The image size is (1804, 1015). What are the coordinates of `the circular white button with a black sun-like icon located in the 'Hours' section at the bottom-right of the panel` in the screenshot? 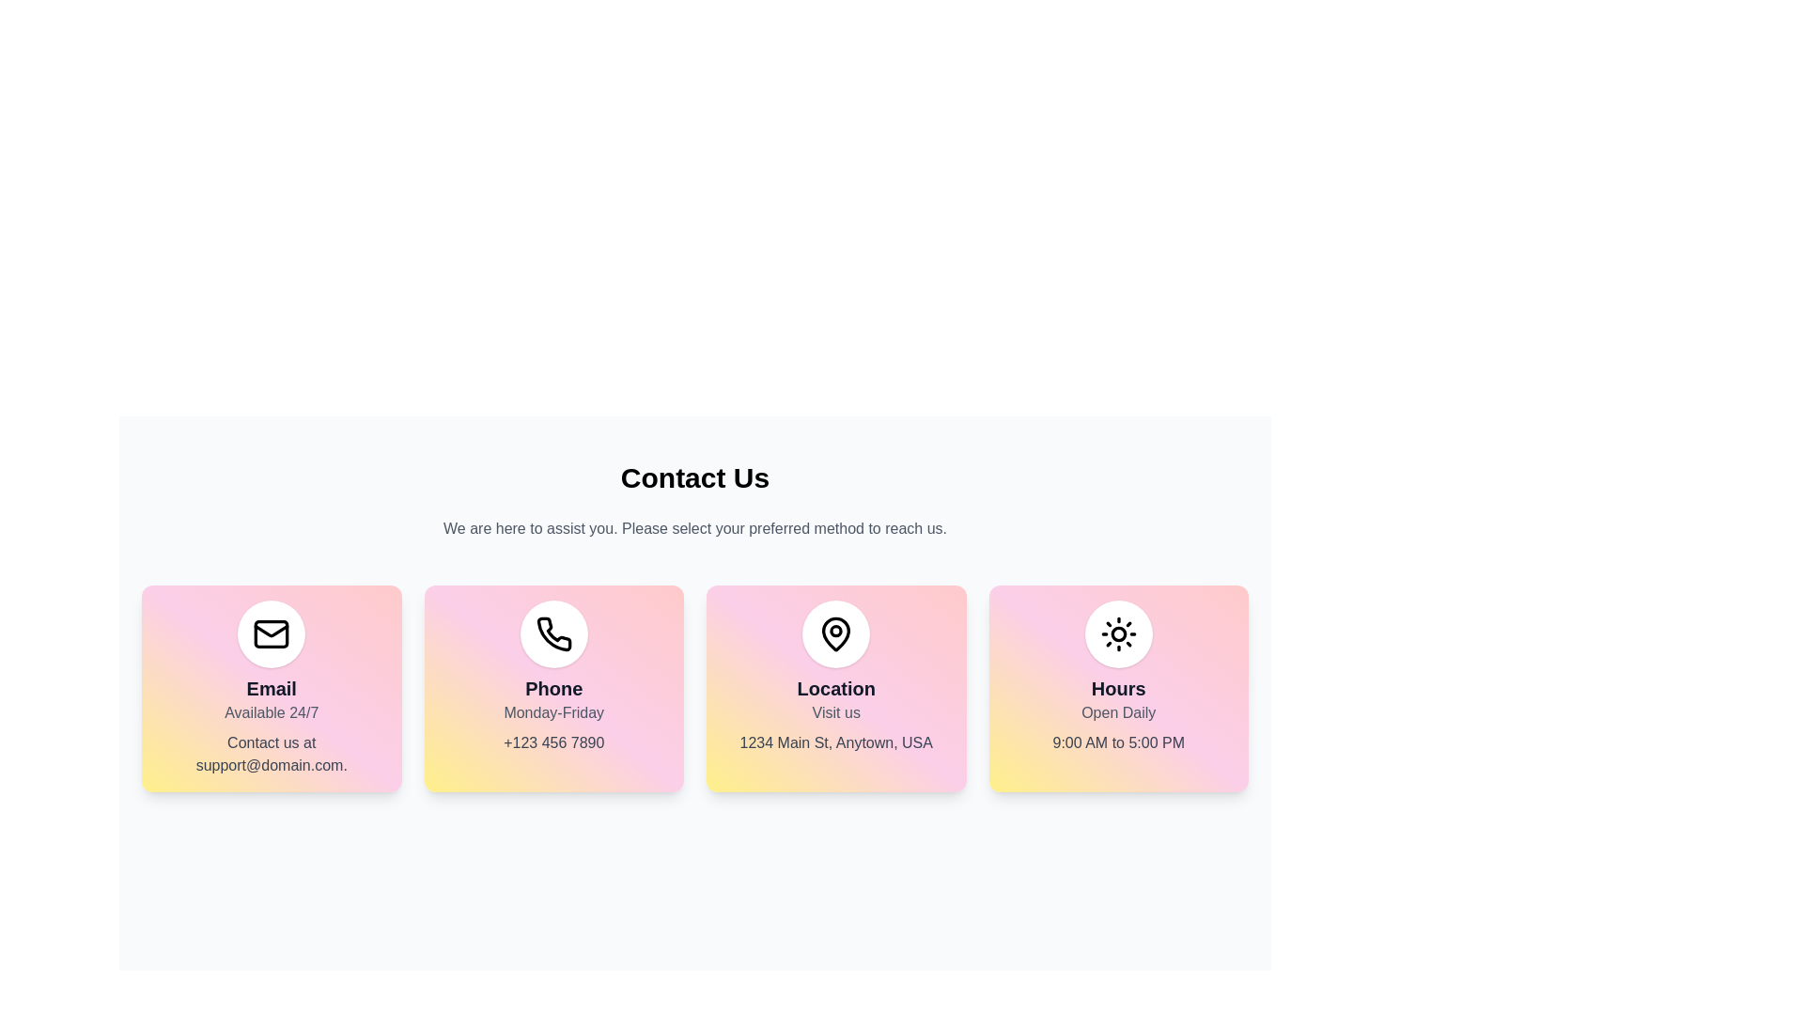 It's located at (1118, 634).